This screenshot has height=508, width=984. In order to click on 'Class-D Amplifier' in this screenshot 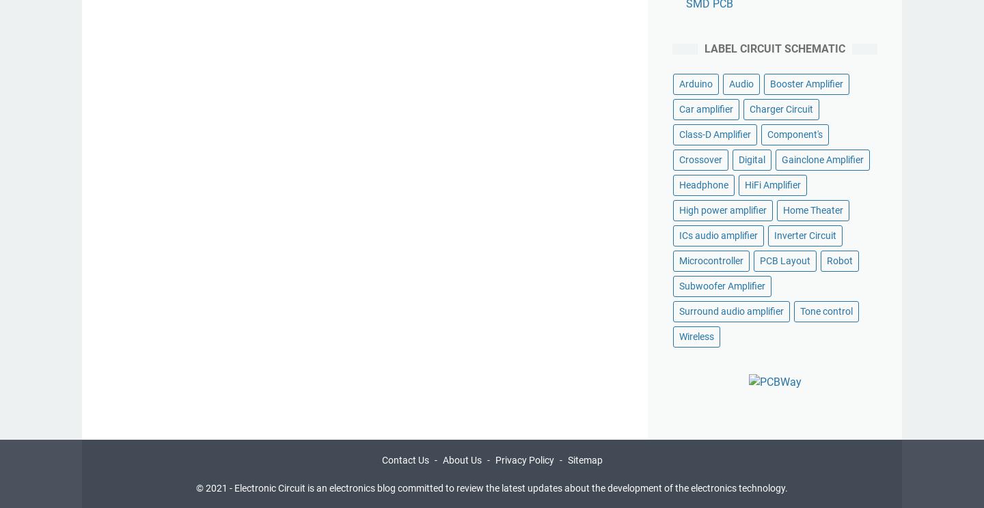, I will do `click(715, 135)`.